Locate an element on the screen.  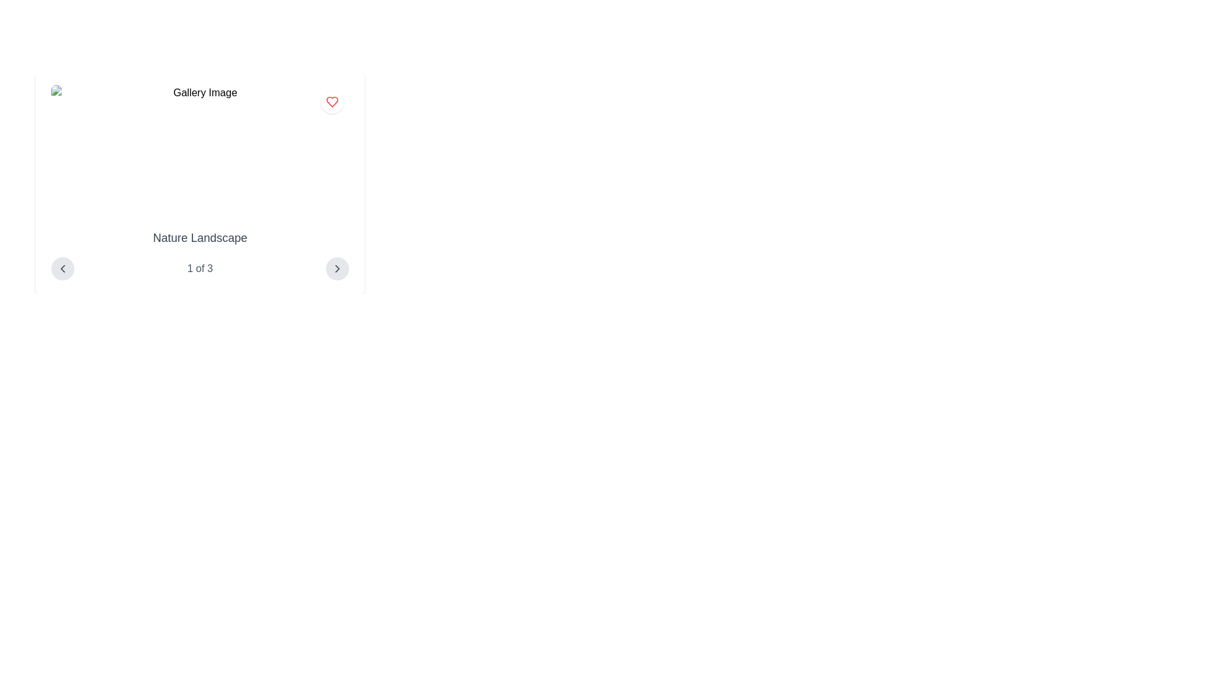
the heart icon located in the top-right corner of the gallery interface is located at coordinates (332, 101).